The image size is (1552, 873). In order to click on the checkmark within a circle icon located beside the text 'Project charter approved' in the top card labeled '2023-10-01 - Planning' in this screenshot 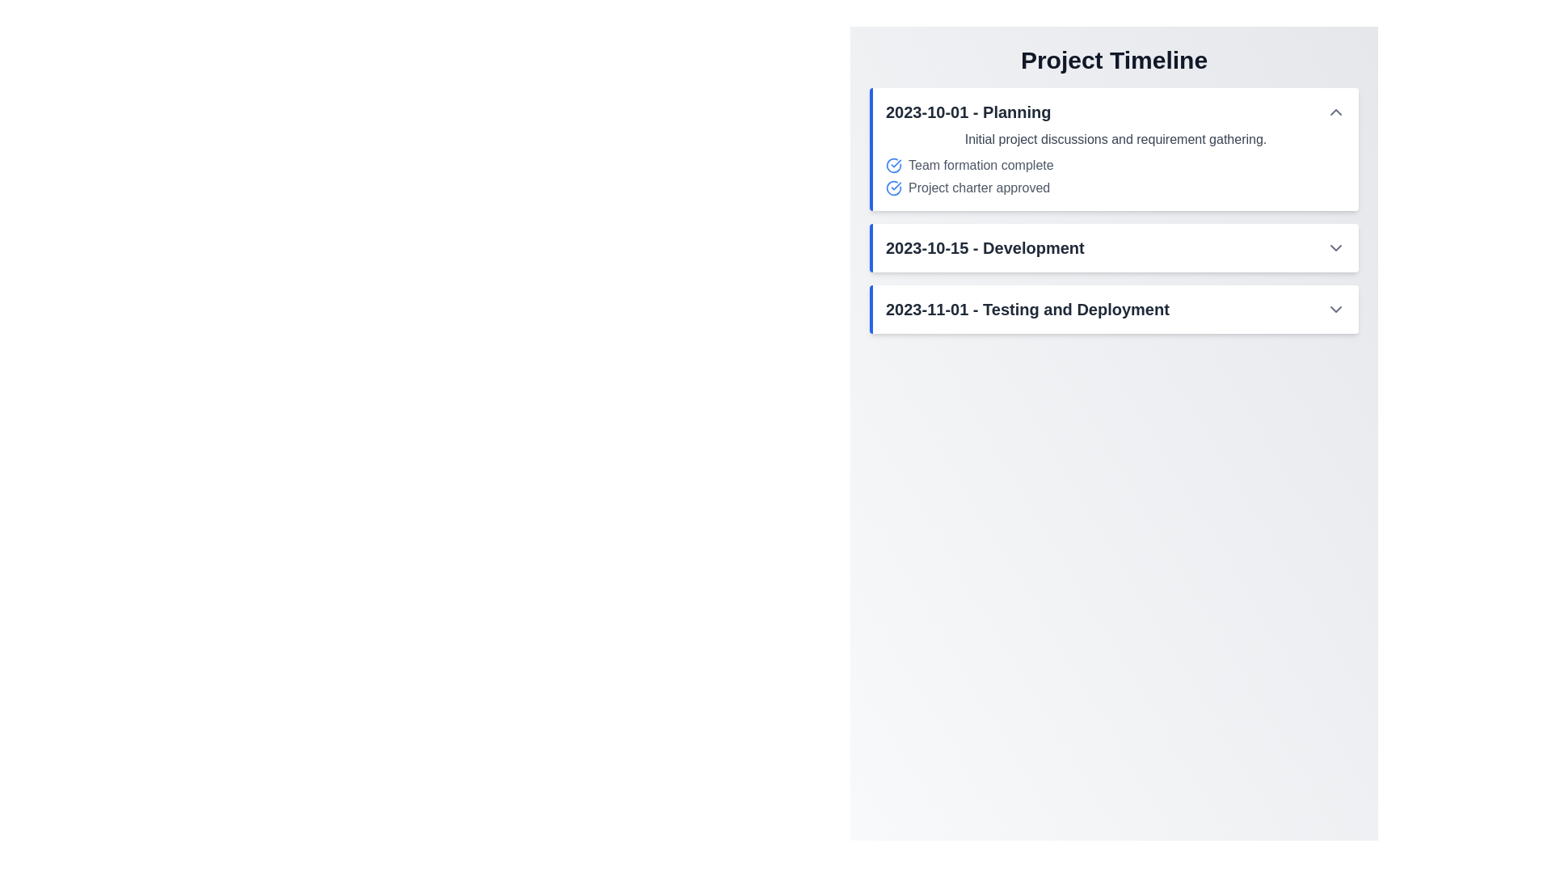, I will do `click(892, 187)`.